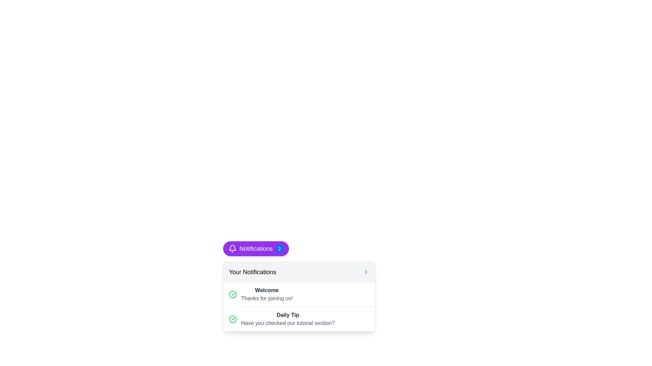  What do you see at coordinates (279, 248) in the screenshot?
I see `the small, circular badge with a blue background and the white number '2' centered within it, located at the top-right corner of the 'Notifications' button group` at bounding box center [279, 248].